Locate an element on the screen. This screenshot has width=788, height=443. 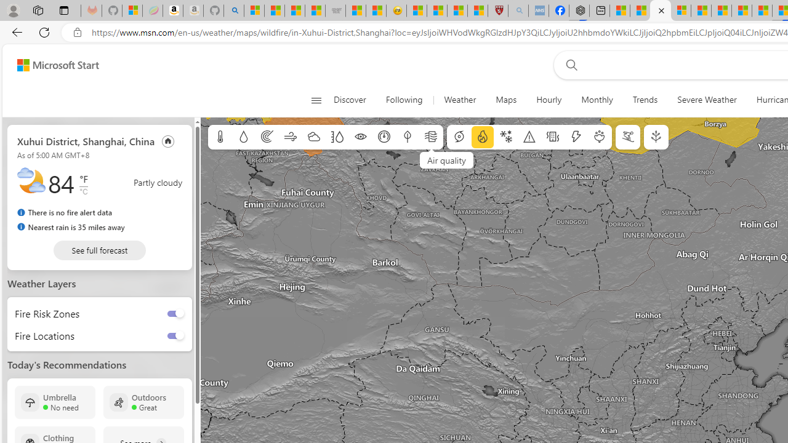
'Precipitation' is located at coordinates (243, 137).